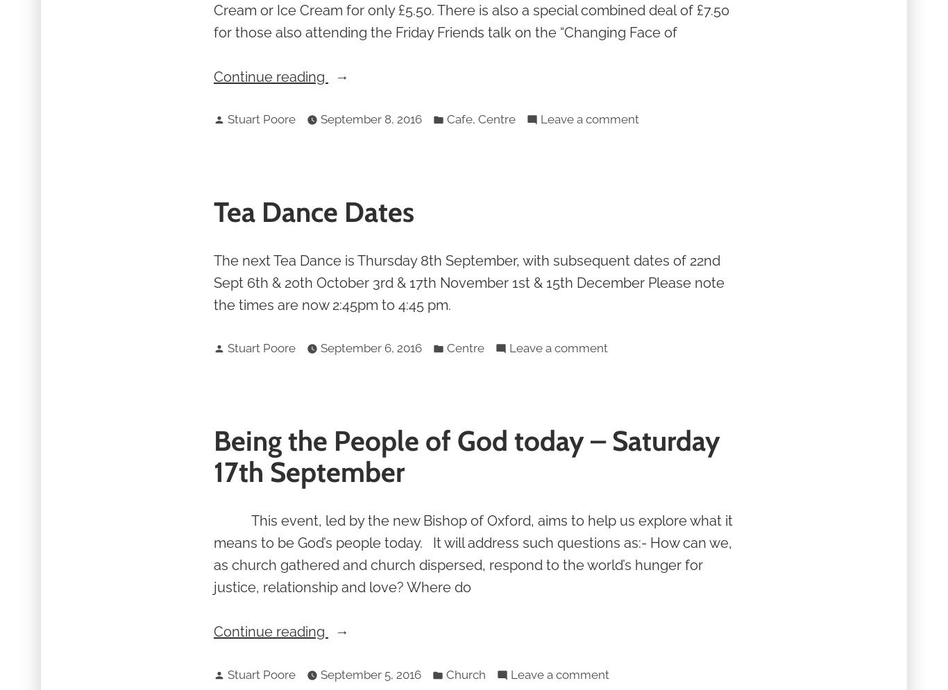 The image size is (948, 690). I want to click on 'September 8, 2016', so click(371, 119).